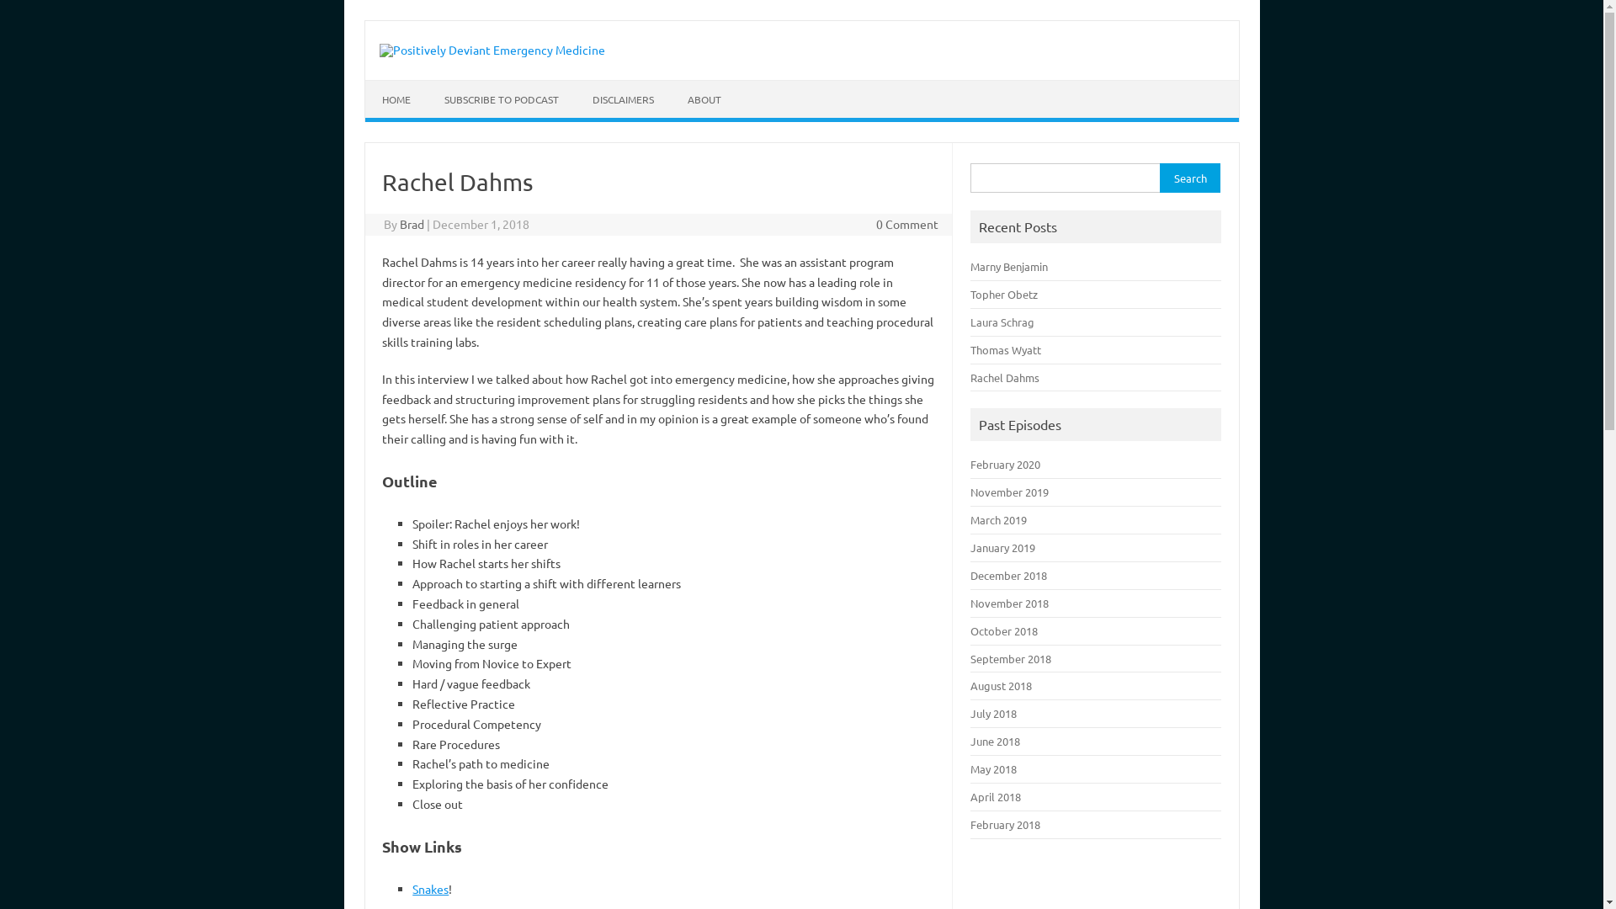 The width and height of the screenshot is (1616, 909). Describe the element at coordinates (995, 740) in the screenshot. I see `'June 2018'` at that location.